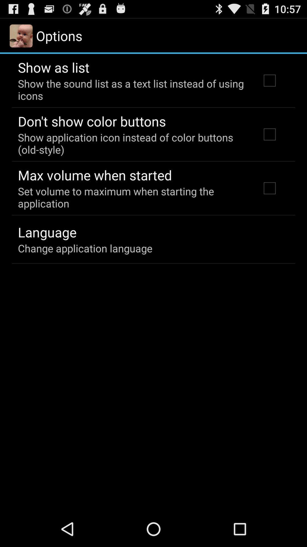 This screenshot has height=547, width=307. Describe the element at coordinates (132, 197) in the screenshot. I see `the set volume to` at that location.